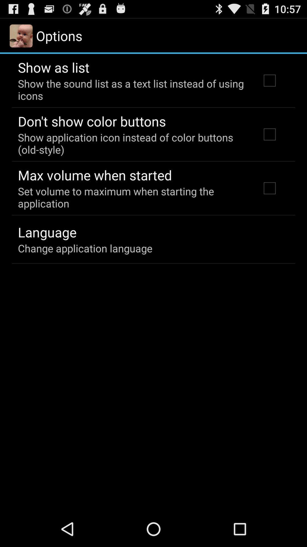 This screenshot has height=547, width=307. Describe the element at coordinates (132, 197) in the screenshot. I see `the set volume to` at that location.